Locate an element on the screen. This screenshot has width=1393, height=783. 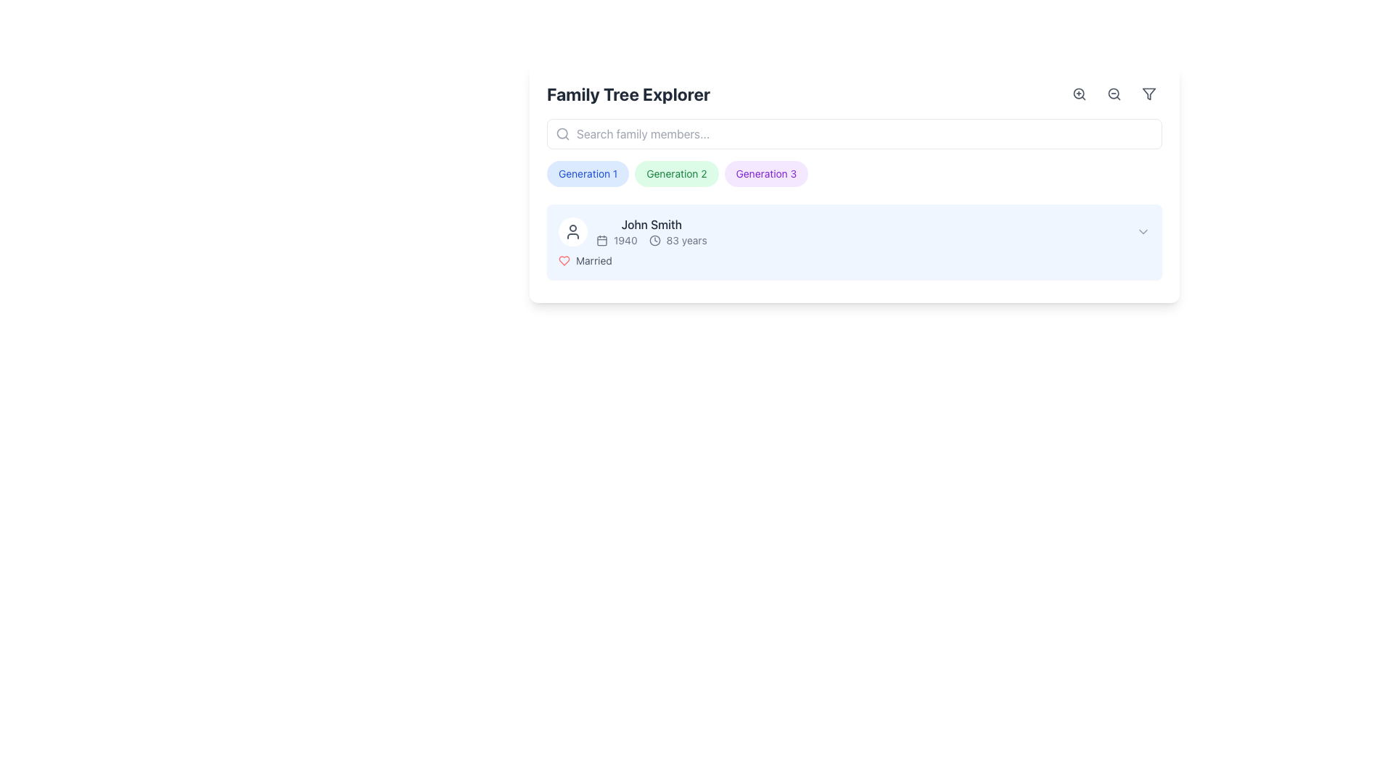
the chevron-down icon located at the far-right end of the row containing 'John Smith 1940 83 years' to highlight it is located at coordinates (1142, 231).